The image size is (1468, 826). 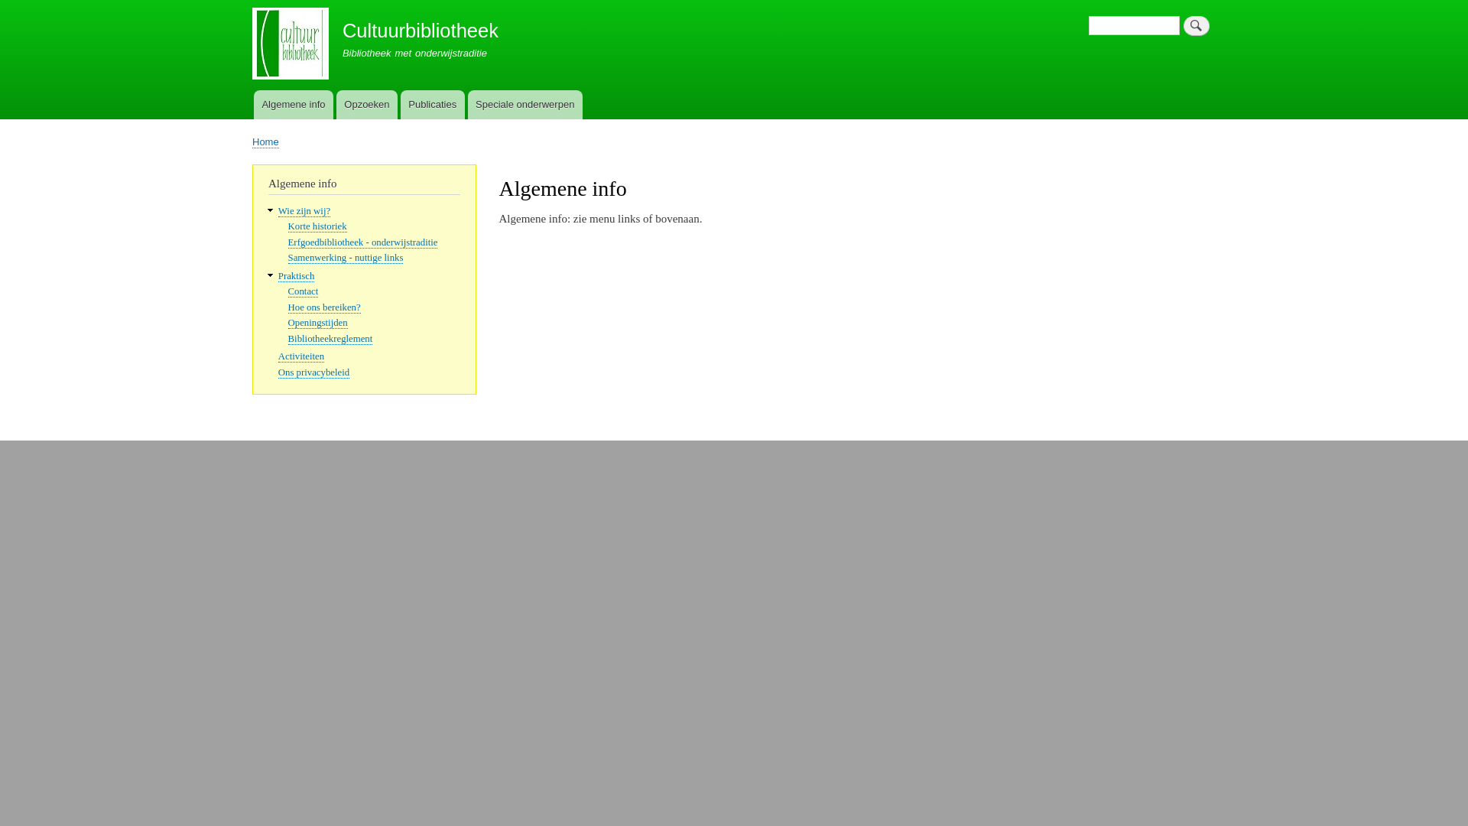 What do you see at coordinates (300, 356) in the screenshot?
I see `'Activiteiten'` at bounding box center [300, 356].